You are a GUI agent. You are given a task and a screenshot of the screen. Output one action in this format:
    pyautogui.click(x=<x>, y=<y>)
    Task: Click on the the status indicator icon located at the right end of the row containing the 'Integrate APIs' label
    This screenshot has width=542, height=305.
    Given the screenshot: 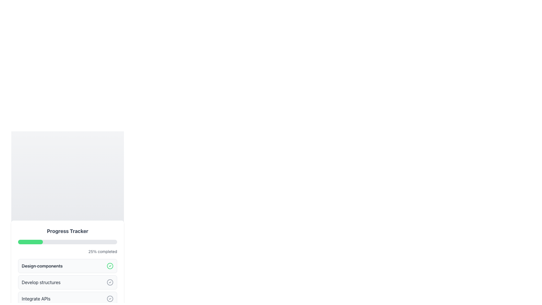 What is the action you would take?
    pyautogui.click(x=110, y=298)
    